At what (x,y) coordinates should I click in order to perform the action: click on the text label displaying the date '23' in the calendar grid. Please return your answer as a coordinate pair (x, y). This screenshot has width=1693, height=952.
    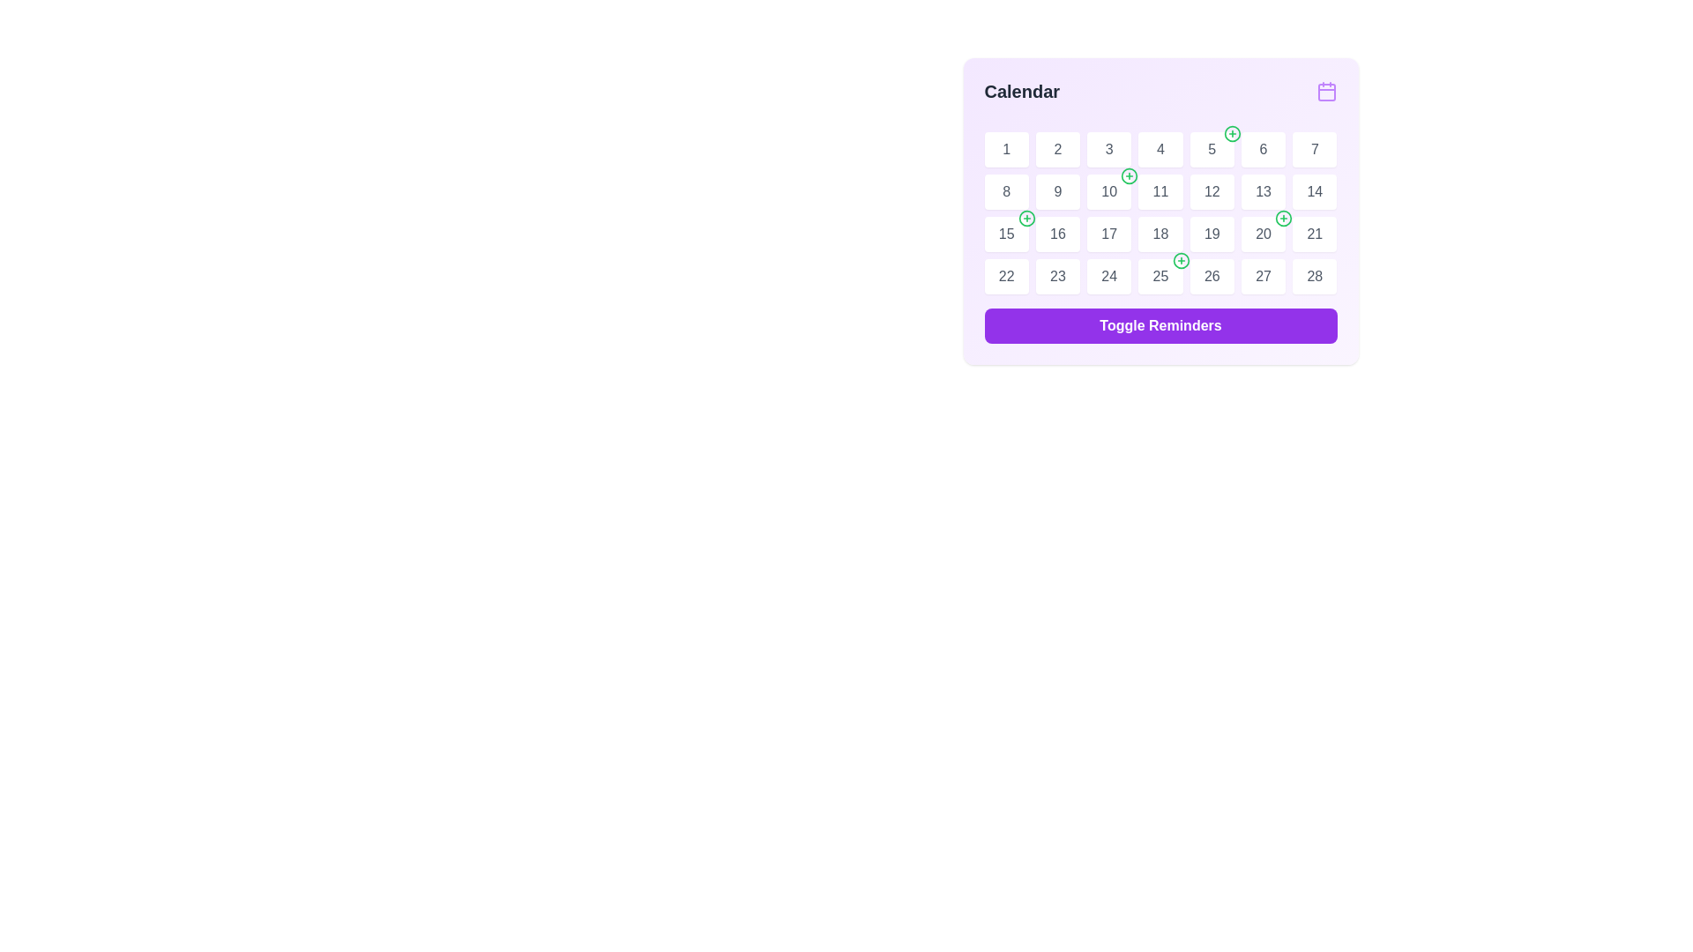
    Looking at the image, I should click on (1058, 276).